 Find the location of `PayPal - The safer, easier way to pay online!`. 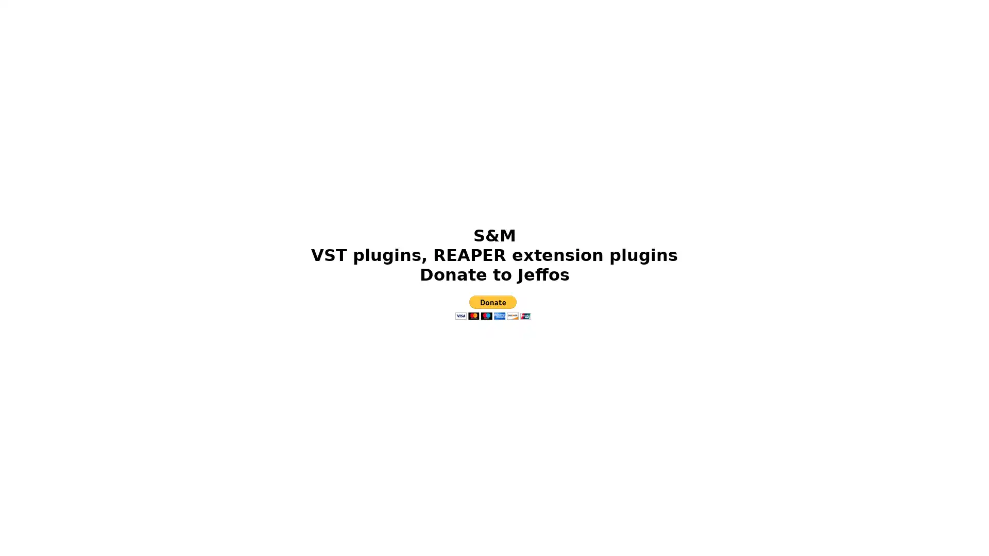

PayPal - The safer, easier way to pay online! is located at coordinates (492, 307).